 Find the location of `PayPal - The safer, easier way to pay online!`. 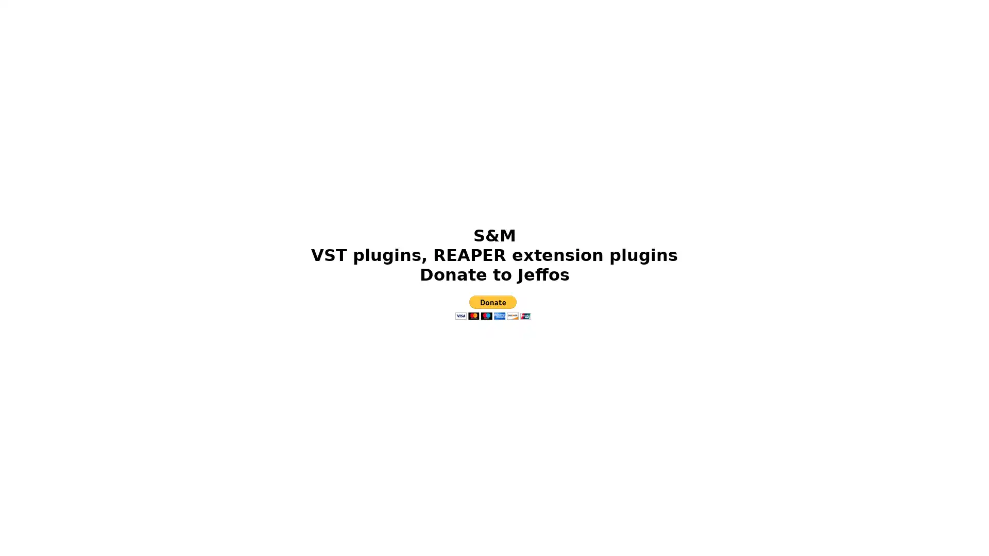

PayPal - The safer, easier way to pay online! is located at coordinates (492, 307).